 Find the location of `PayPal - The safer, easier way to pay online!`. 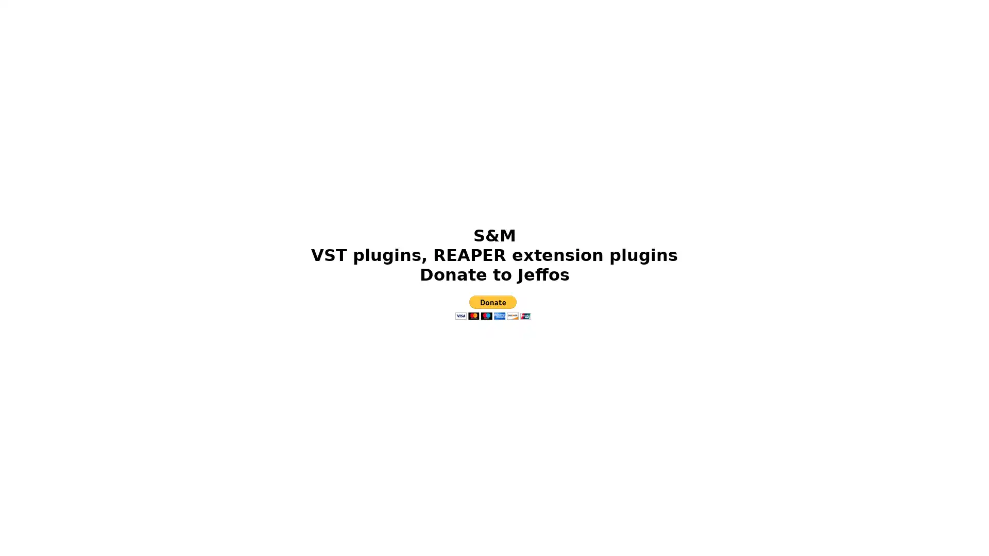

PayPal - The safer, easier way to pay online! is located at coordinates (492, 307).